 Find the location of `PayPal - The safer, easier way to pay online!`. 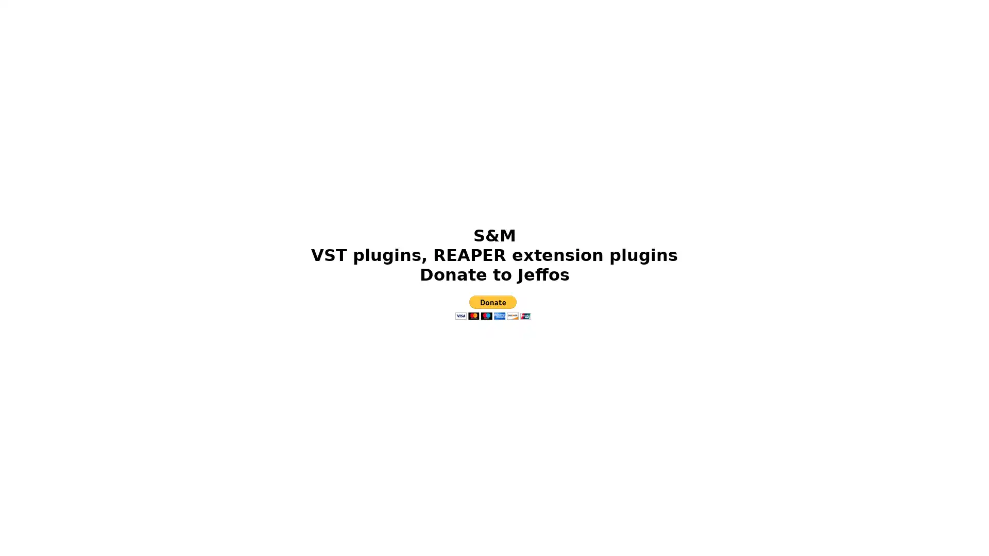

PayPal - The safer, easier way to pay online! is located at coordinates (492, 307).